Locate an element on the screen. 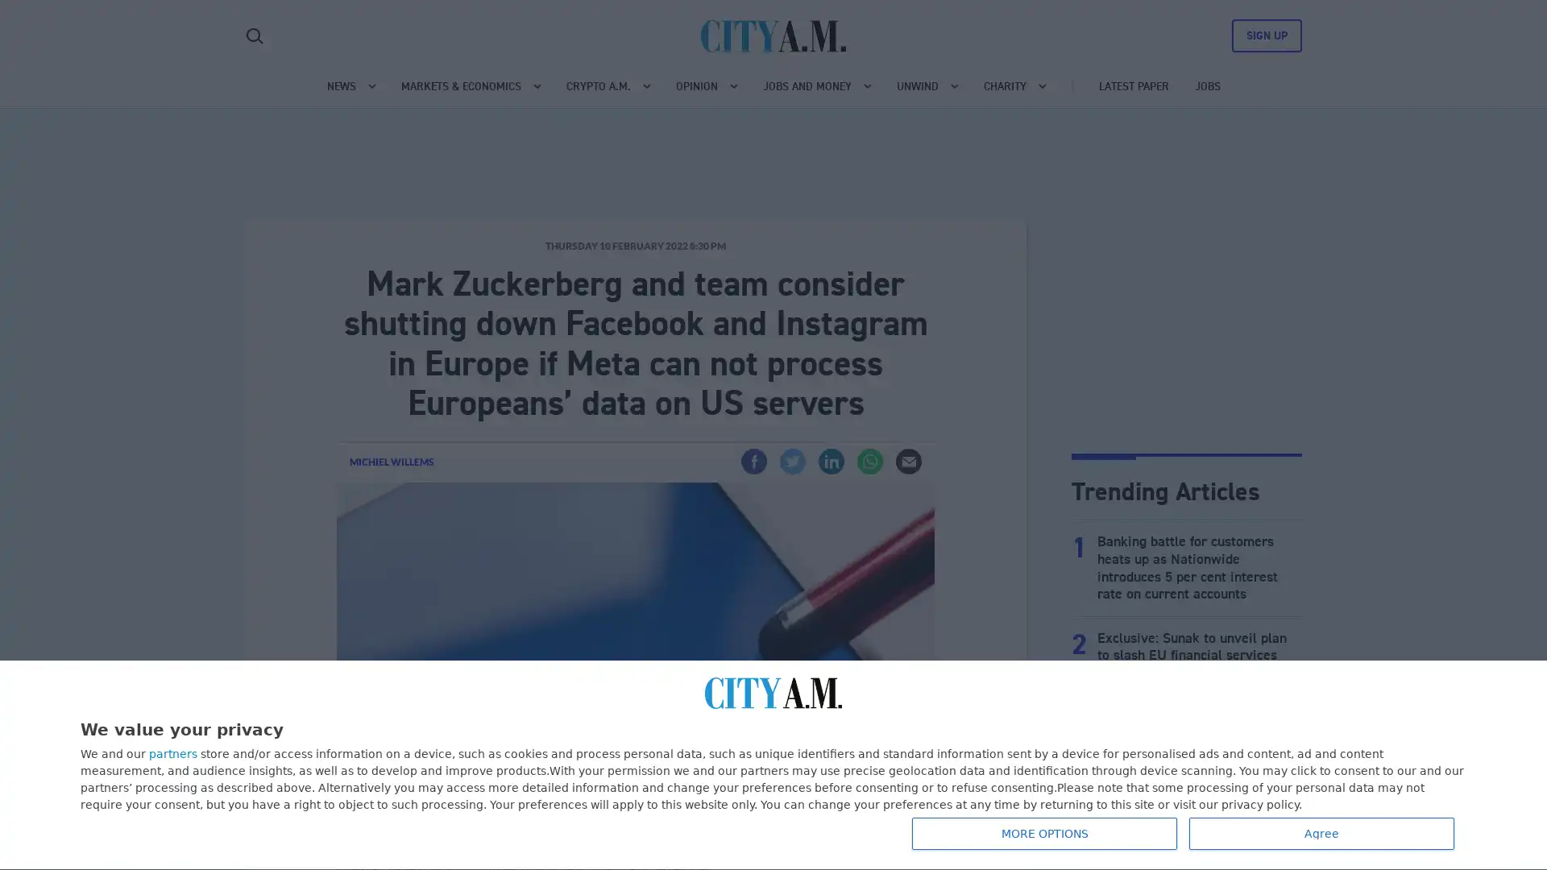 The height and width of the screenshot is (870, 1547). Agree is located at coordinates (1321, 833).